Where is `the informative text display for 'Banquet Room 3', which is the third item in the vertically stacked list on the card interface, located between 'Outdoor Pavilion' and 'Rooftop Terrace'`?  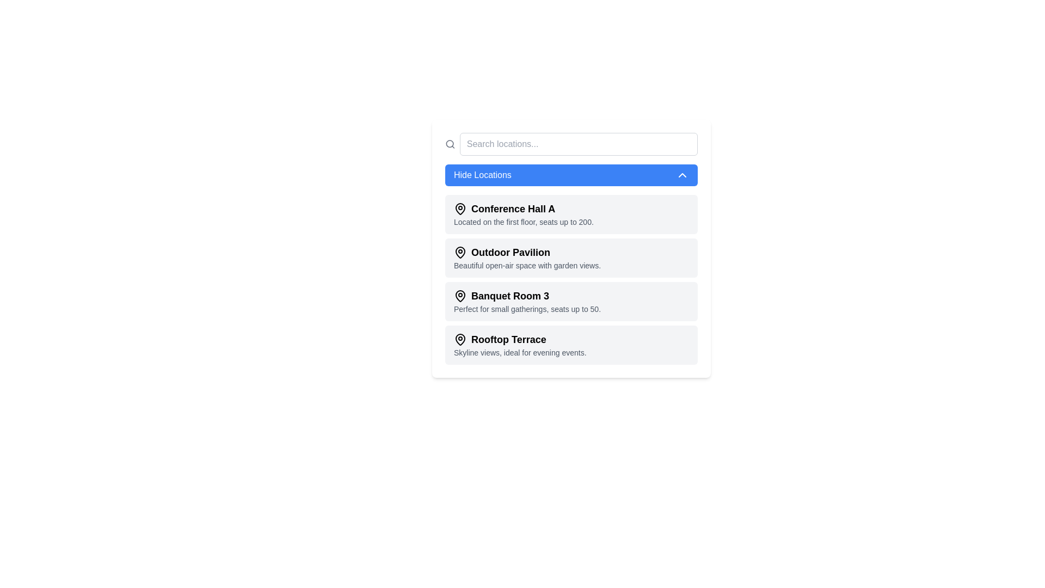
the informative text display for 'Banquet Room 3', which is the third item in the vertically stacked list on the card interface, located between 'Outdoor Pavilion' and 'Rooftop Terrace' is located at coordinates (527, 302).